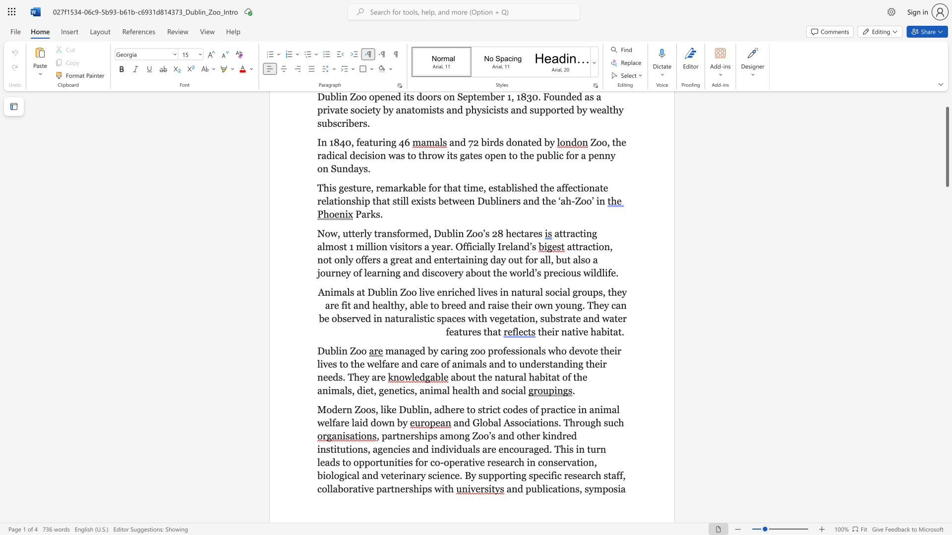  Describe the element at coordinates (486, 142) in the screenshot. I see `the subset text "irds donated b" within the text "and 72 birds donated by"` at that location.